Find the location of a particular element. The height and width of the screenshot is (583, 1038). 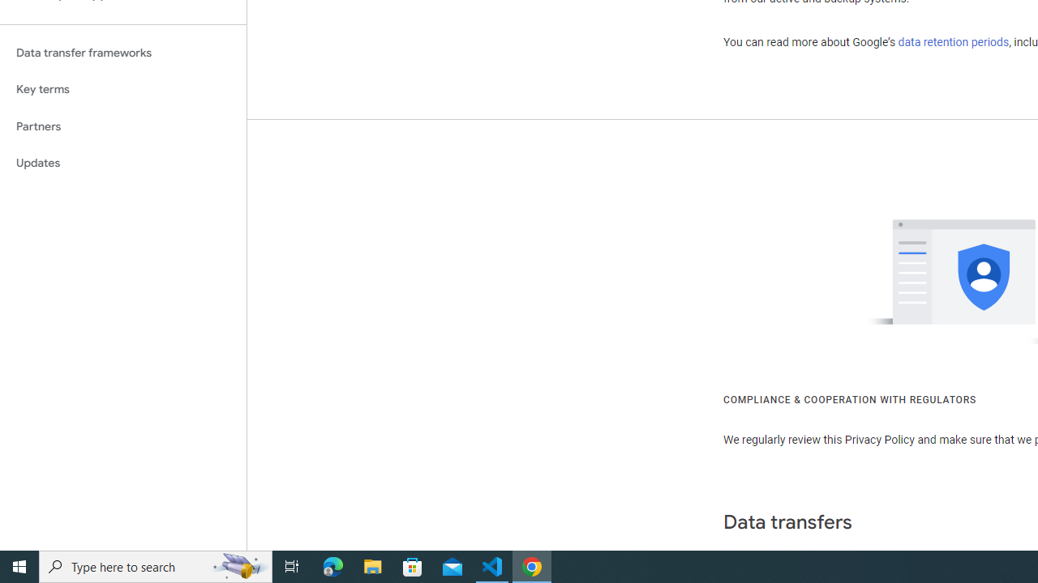

'data retention periods' is located at coordinates (954, 41).